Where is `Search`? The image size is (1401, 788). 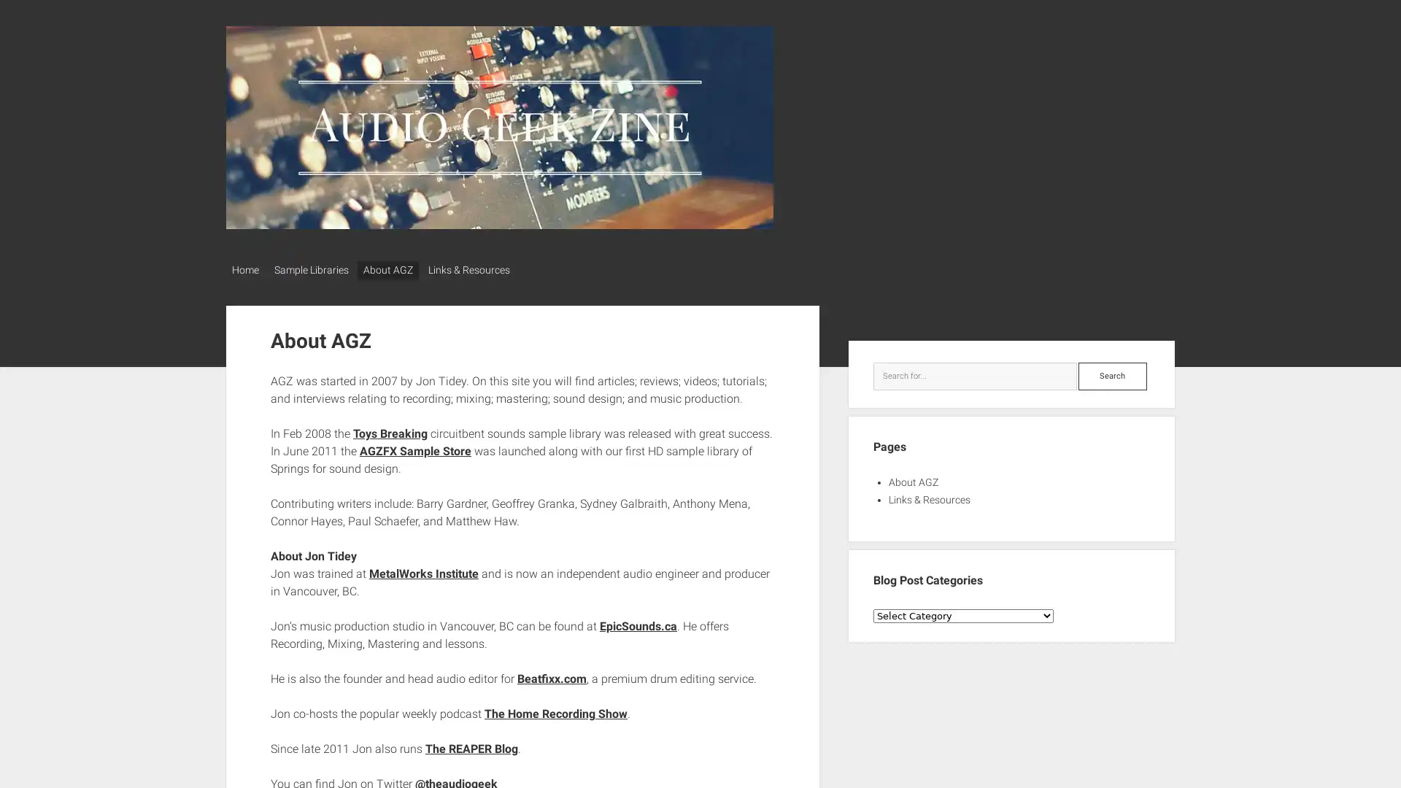
Search is located at coordinates (1111, 371).